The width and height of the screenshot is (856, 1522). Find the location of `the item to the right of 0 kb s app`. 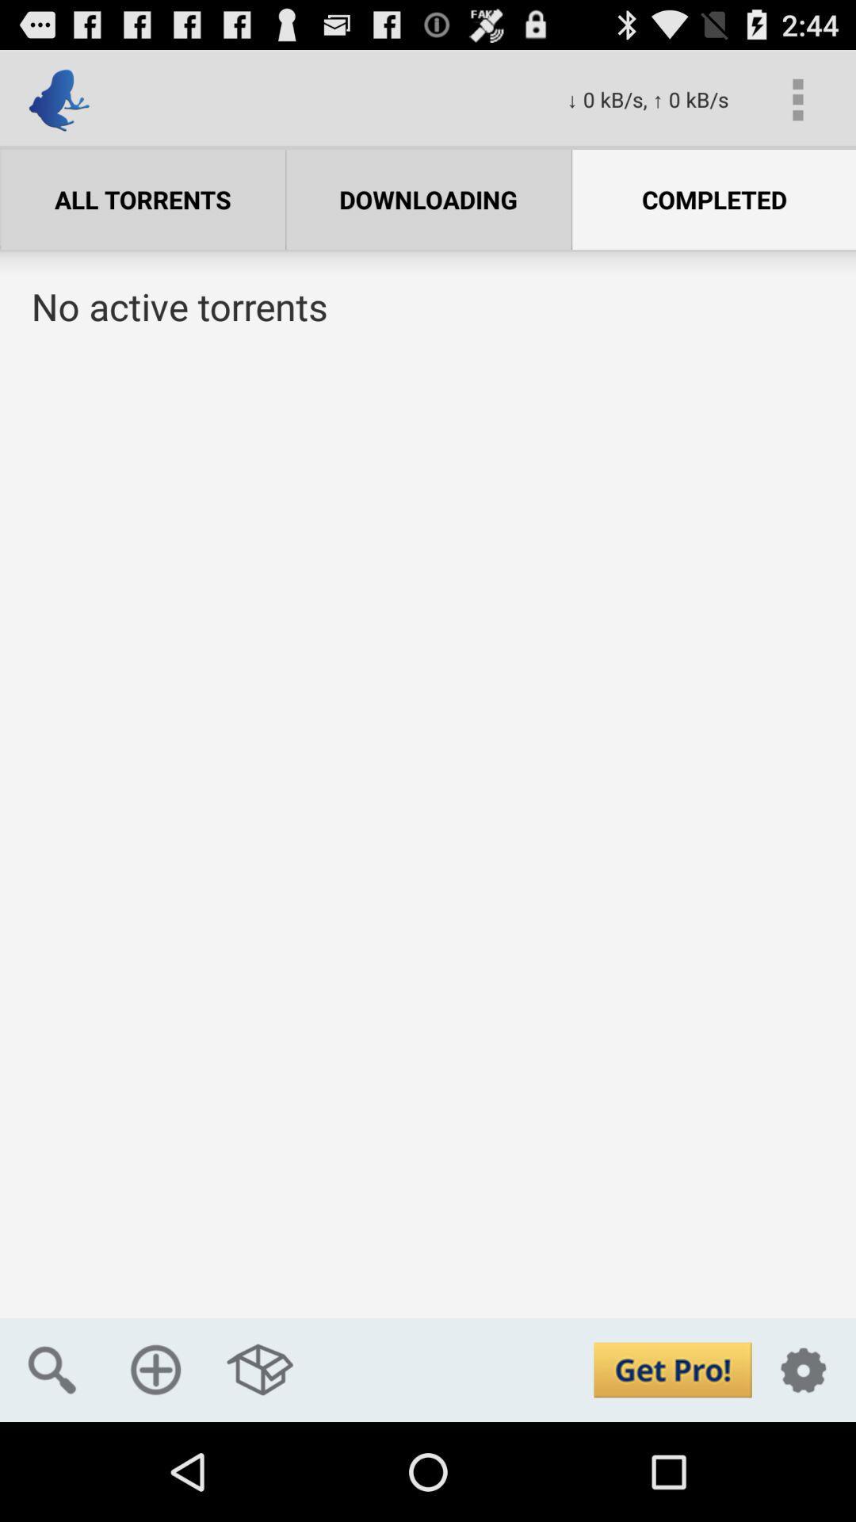

the item to the right of 0 kb s app is located at coordinates (797, 98).